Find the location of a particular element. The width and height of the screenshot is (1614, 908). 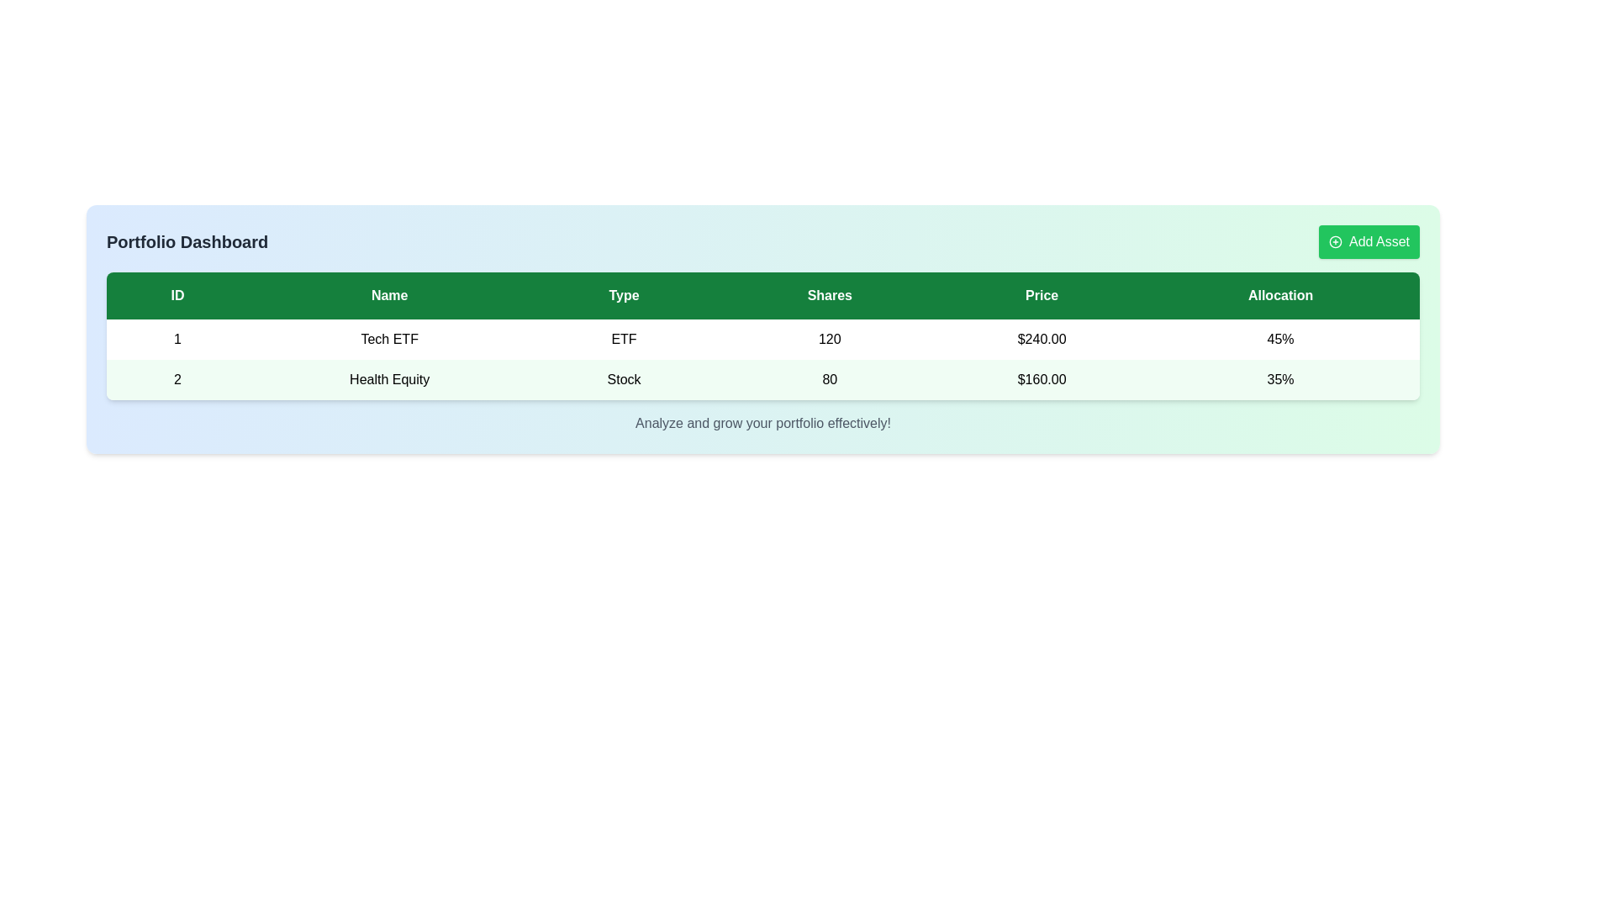

identifier displayed in the light green table cell that contains the numeral '2', located in the first column of the second row in the dashboard table is located at coordinates (177, 379).